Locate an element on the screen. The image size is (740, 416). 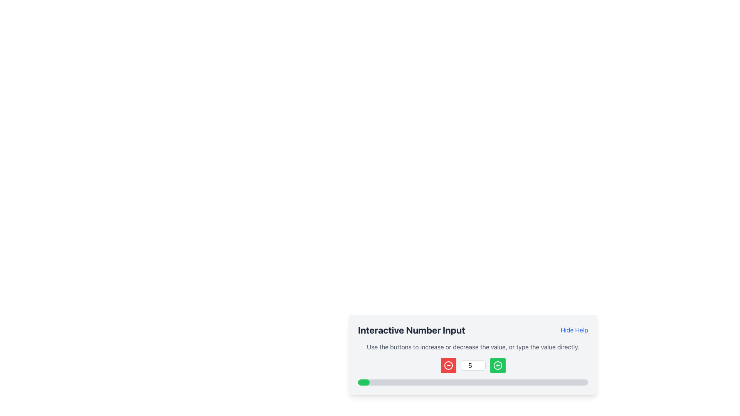
the red circular button with a white minus sign to decrease the value is located at coordinates (448, 365).